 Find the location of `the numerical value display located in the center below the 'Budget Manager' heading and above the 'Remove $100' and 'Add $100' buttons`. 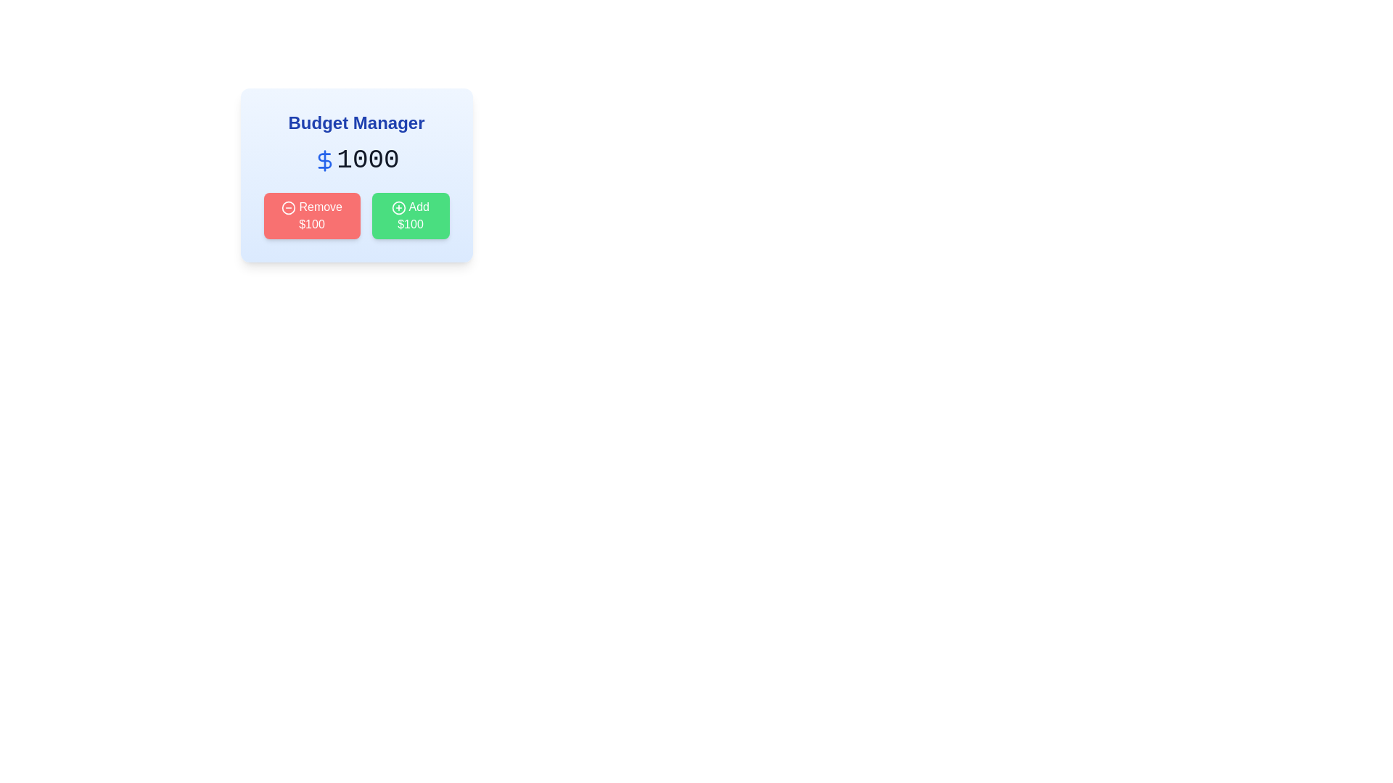

the numerical value display located in the center below the 'Budget Manager' heading and above the 'Remove $100' and 'Add $100' buttons is located at coordinates (356, 161).